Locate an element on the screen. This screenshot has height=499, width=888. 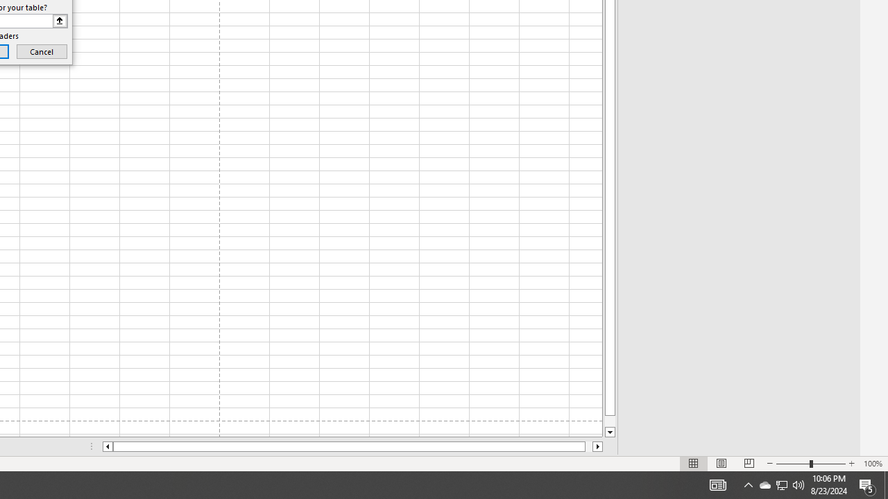
'Zoom' is located at coordinates (810, 464).